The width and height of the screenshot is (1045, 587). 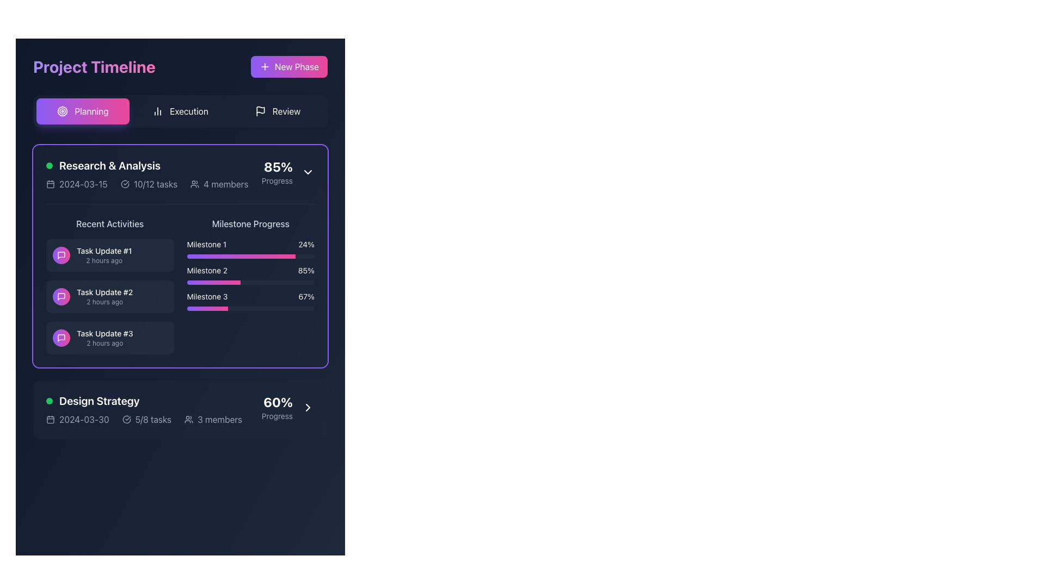 What do you see at coordinates (207, 297) in the screenshot?
I see `the text label displaying 'Milestone 3' in the Milestone Progress section of the 'Research & Analysis' card` at bounding box center [207, 297].